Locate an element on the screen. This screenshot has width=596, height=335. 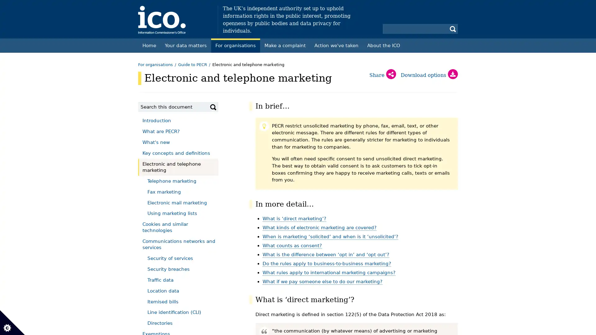
Search is located at coordinates (453, 29).